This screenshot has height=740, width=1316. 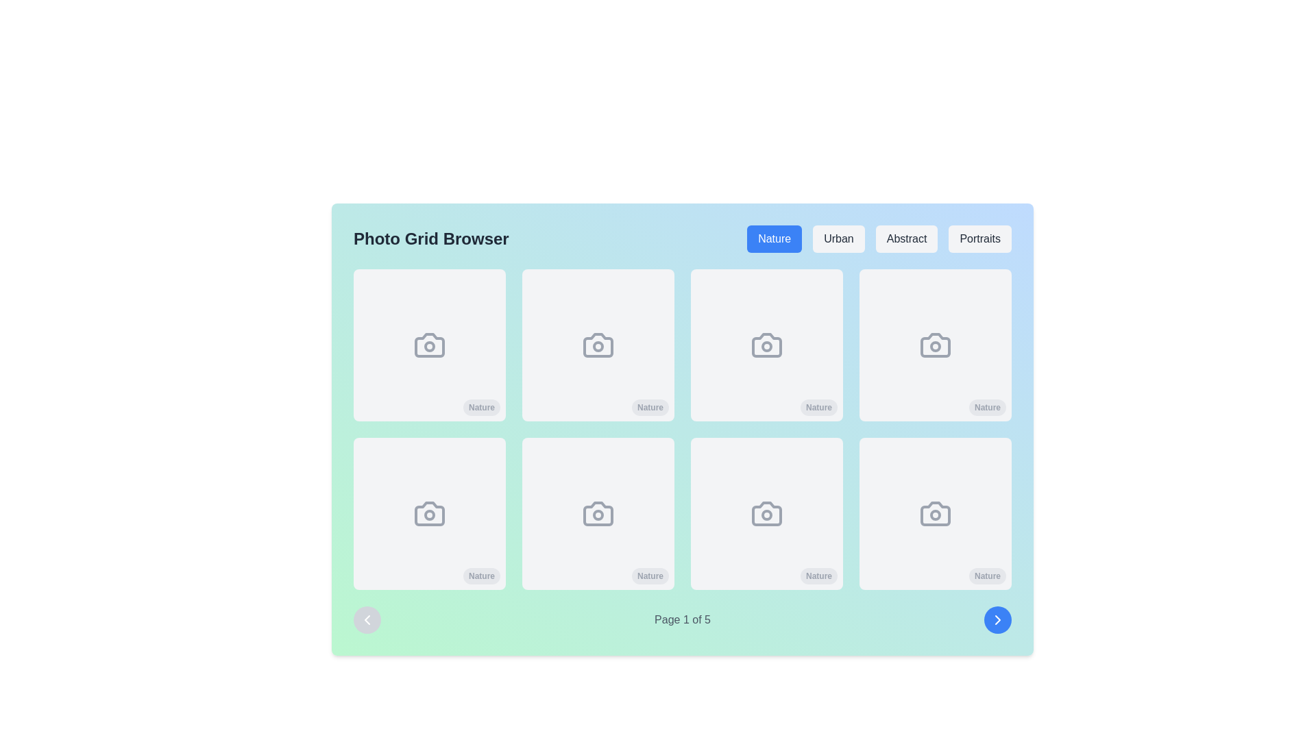 What do you see at coordinates (429, 515) in the screenshot?
I see `the SVG Circle that is positioned at the center of the lens of the camera icon, located within the lower-left image of the third row in the grid` at bounding box center [429, 515].